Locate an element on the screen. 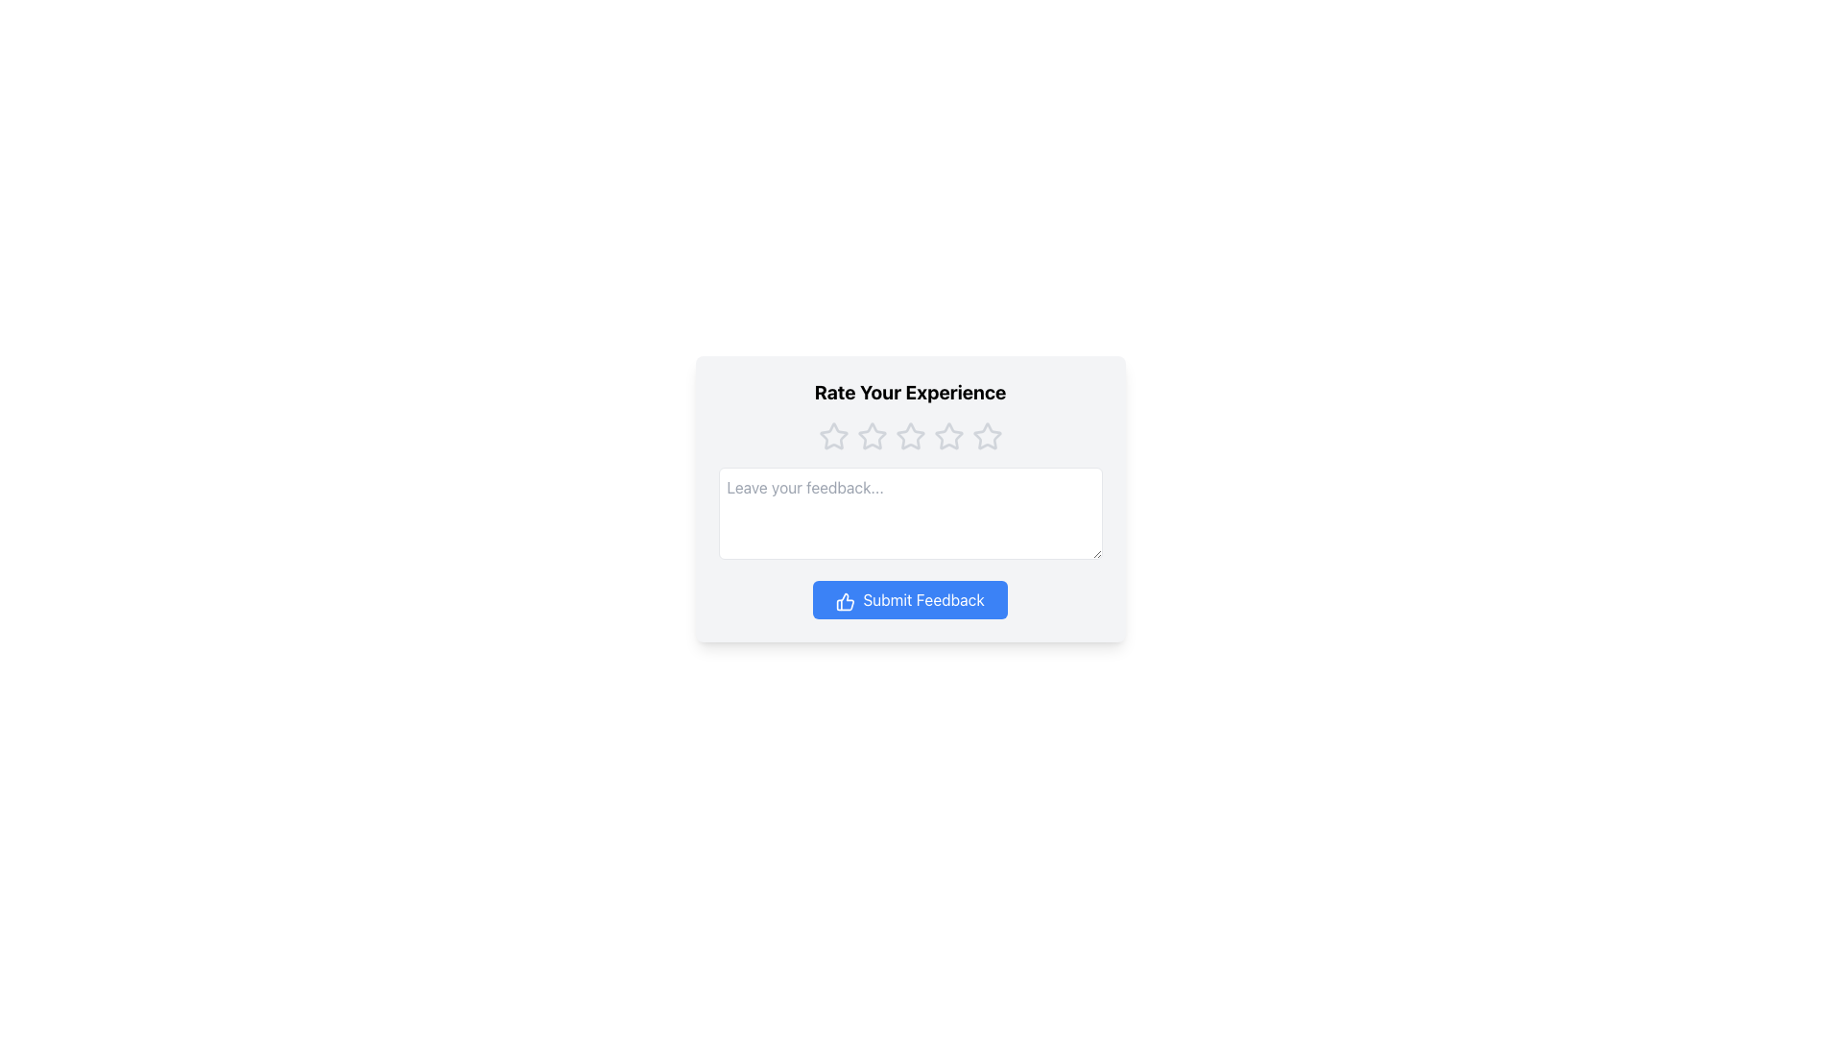 The image size is (1843, 1037). the visual enhancement icon embedded within the 'Submit Feedback' button located below the feedback form is located at coordinates (845, 600).